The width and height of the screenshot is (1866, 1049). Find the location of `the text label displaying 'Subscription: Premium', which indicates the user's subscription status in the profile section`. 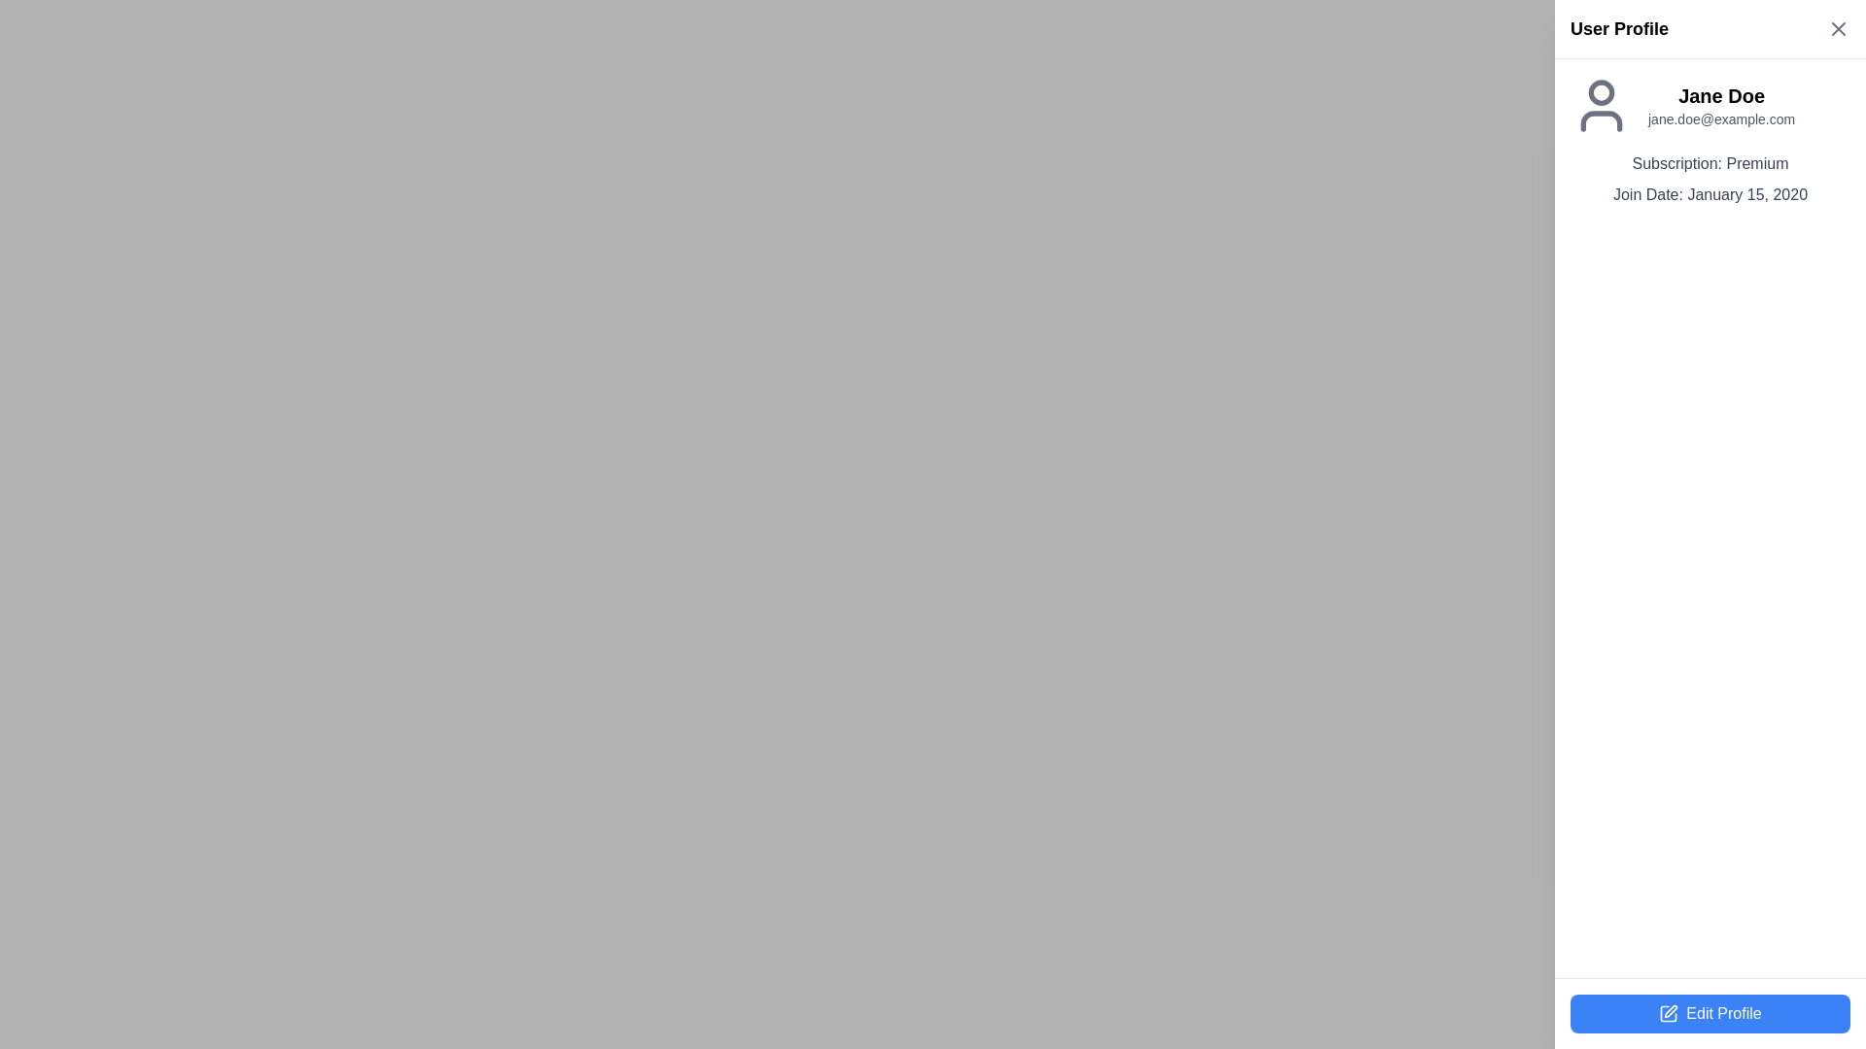

the text label displaying 'Subscription: Premium', which indicates the user's subscription status in the profile section is located at coordinates (1710, 163).